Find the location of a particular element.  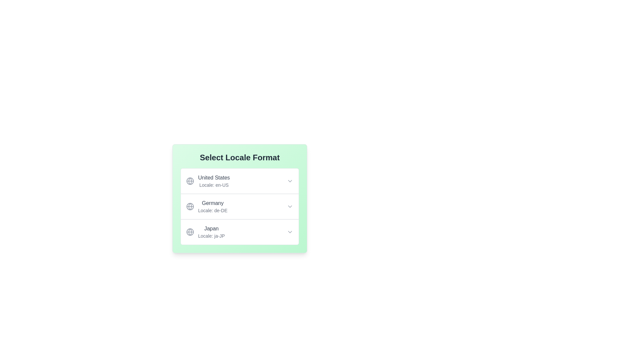

the outermost circular part of the globe icon, which is a decorative UI element indicating international settings, located near the top-left corner of the 'United States' option in the 'Select Locale Format' group is located at coordinates (190, 232).